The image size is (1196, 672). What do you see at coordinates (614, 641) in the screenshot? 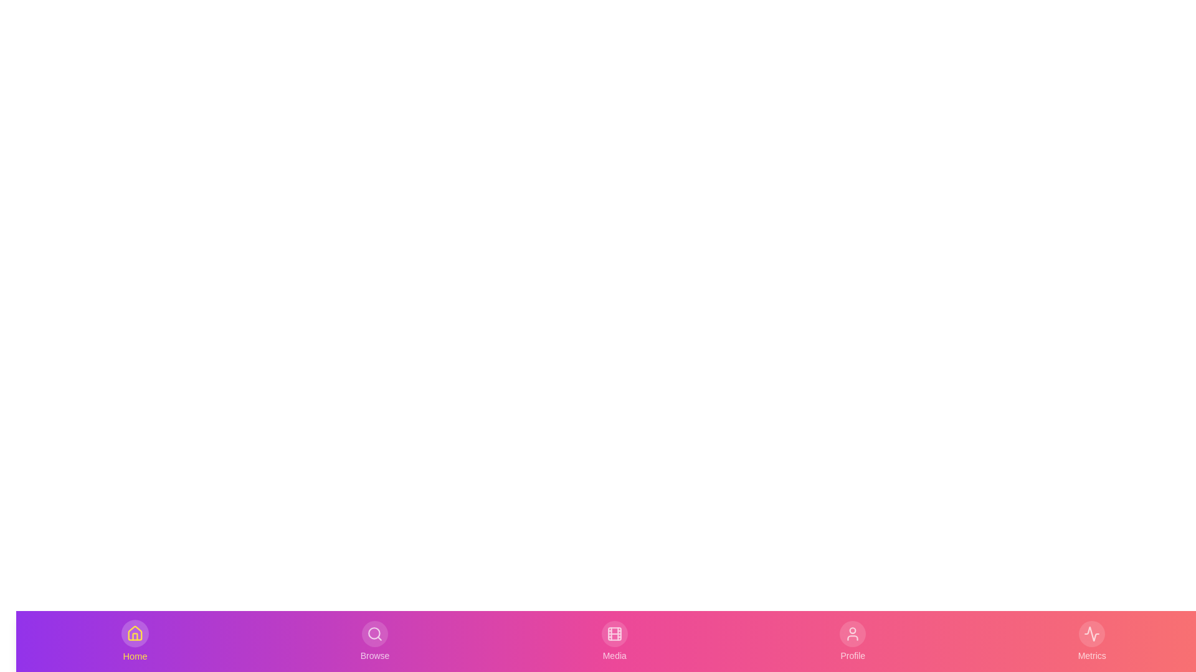
I see `the Media tab to view its interaction effects` at bounding box center [614, 641].